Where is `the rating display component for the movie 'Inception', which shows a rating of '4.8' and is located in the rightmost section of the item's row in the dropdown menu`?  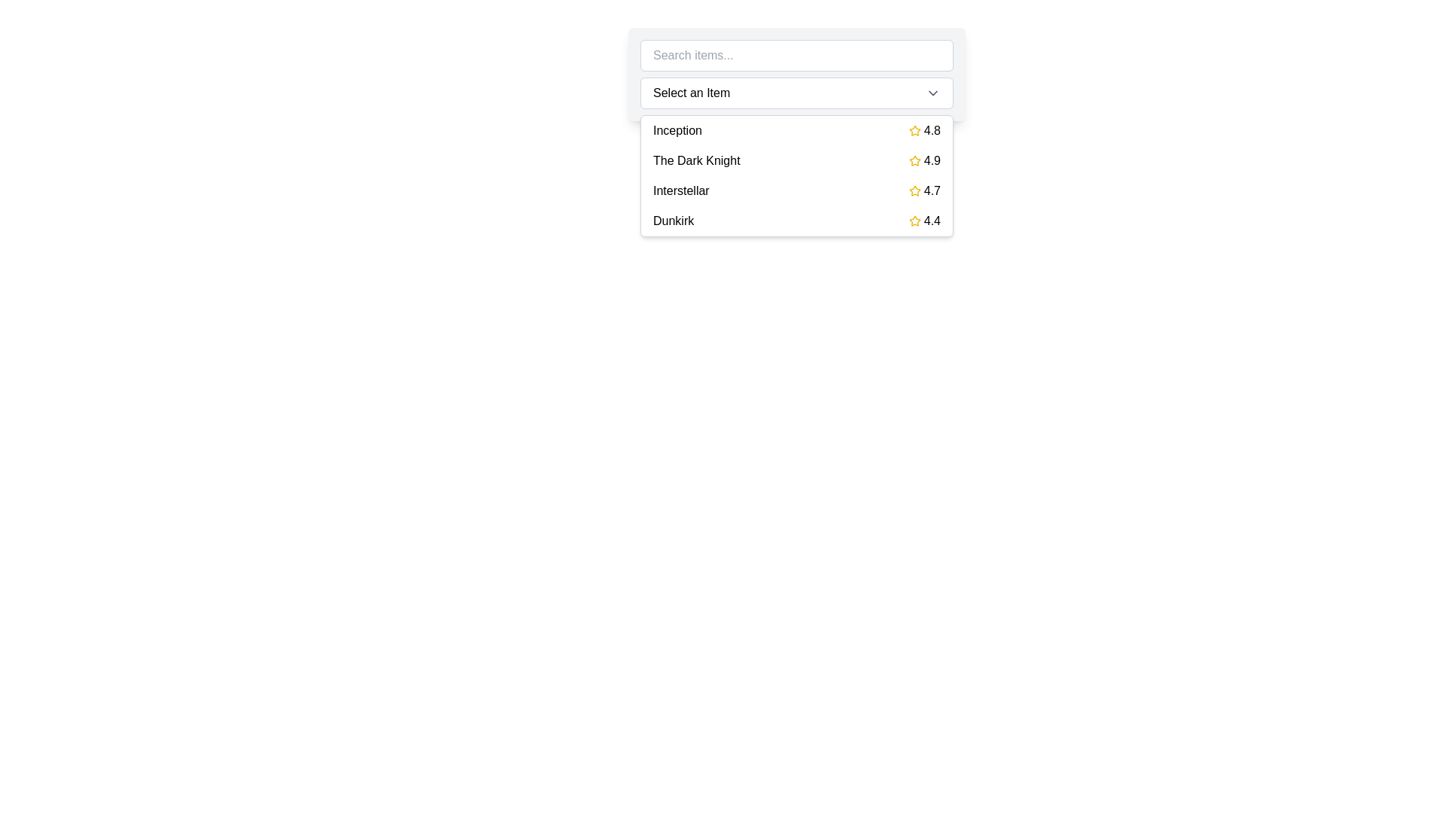 the rating display component for the movie 'Inception', which shows a rating of '4.8' and is located in the rightmost section of the item's row in the dropdown menu is located at coordinates (923, 129).